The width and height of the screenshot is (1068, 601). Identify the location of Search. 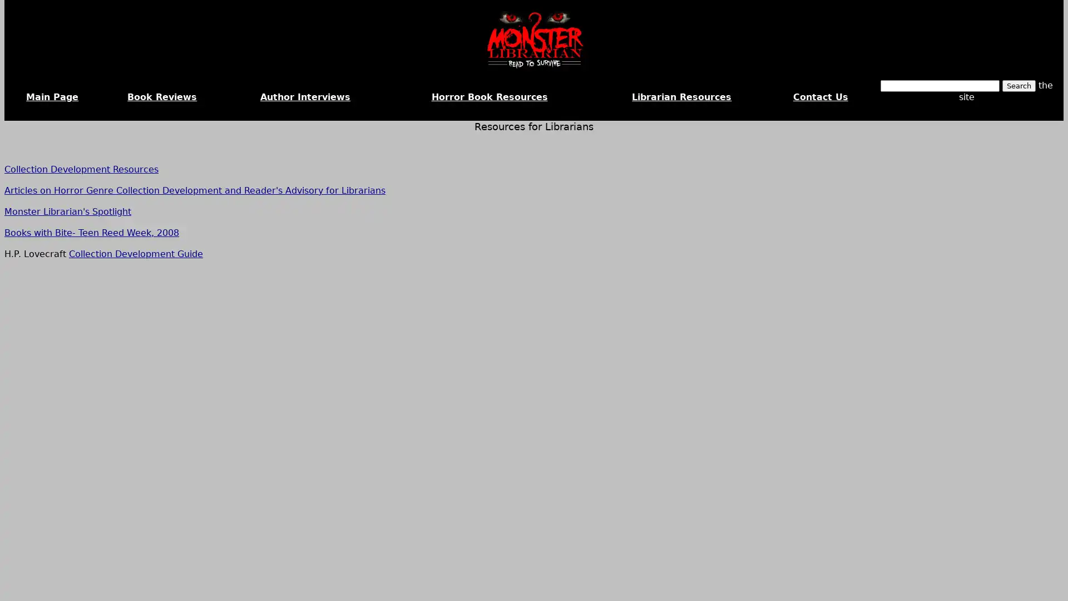
(1019, 85).